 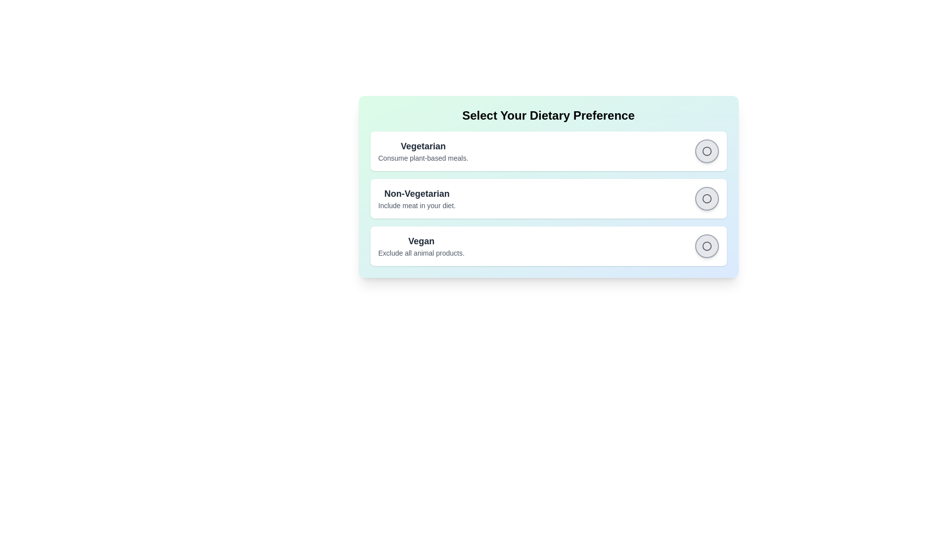 I want to click on the third circular radio button icon representing the 'Vegan' dietary preference option, so click(x=706, y=245).